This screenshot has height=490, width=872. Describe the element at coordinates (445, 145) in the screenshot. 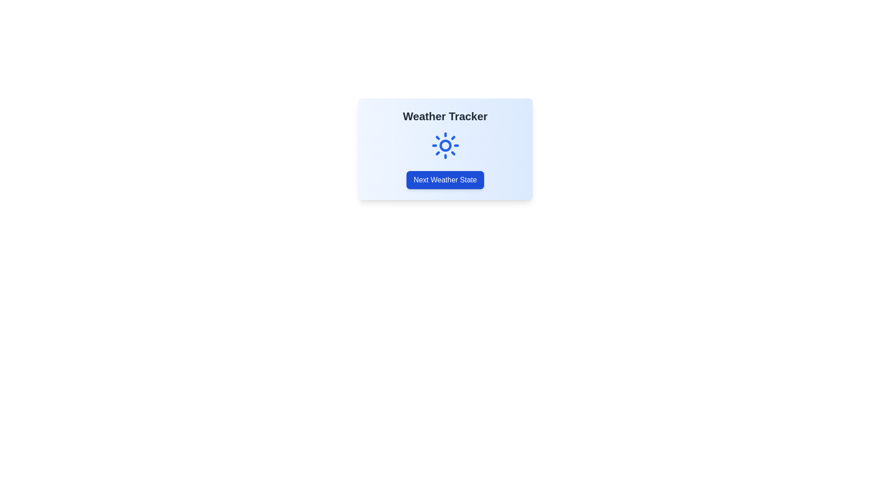

I see `the decorative weather icon in the Weather Tracker interface, located beneath the 'Weather Tracker' heading and above the 'Next Weather State' button` at that location.